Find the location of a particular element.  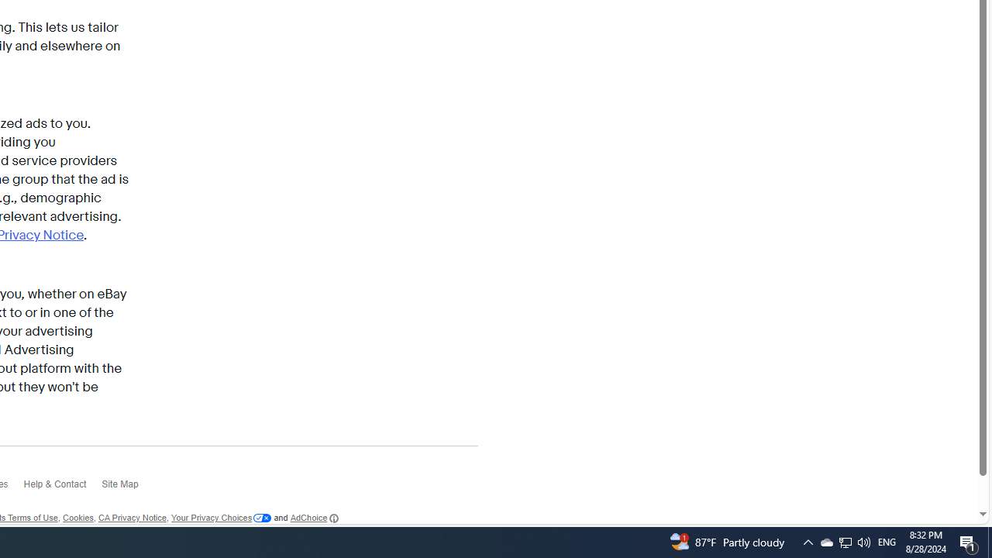

'Help & Contact' is located at coordinates (62, 488).